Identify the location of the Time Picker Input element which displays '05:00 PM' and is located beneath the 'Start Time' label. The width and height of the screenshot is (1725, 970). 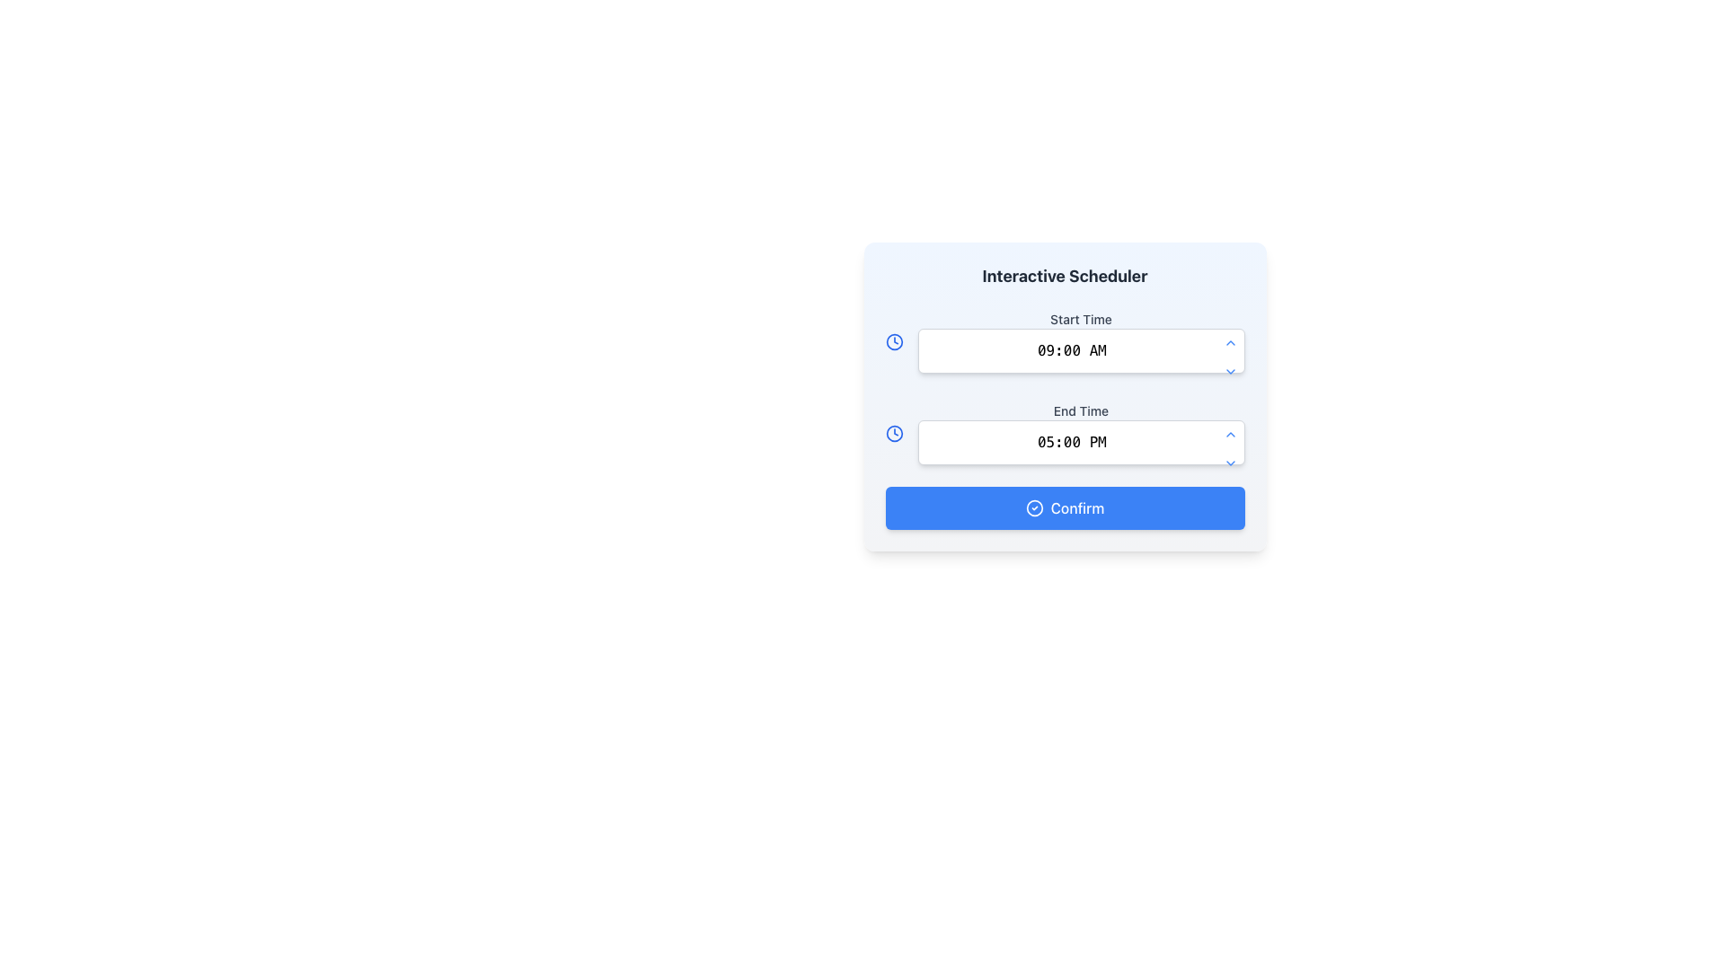
(1080, 443).